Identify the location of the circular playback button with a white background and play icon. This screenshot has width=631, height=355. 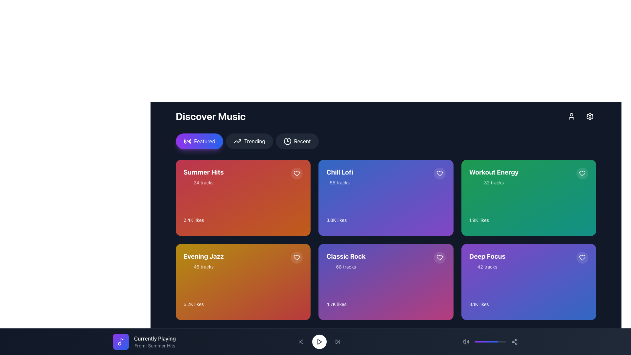
(319, 342).